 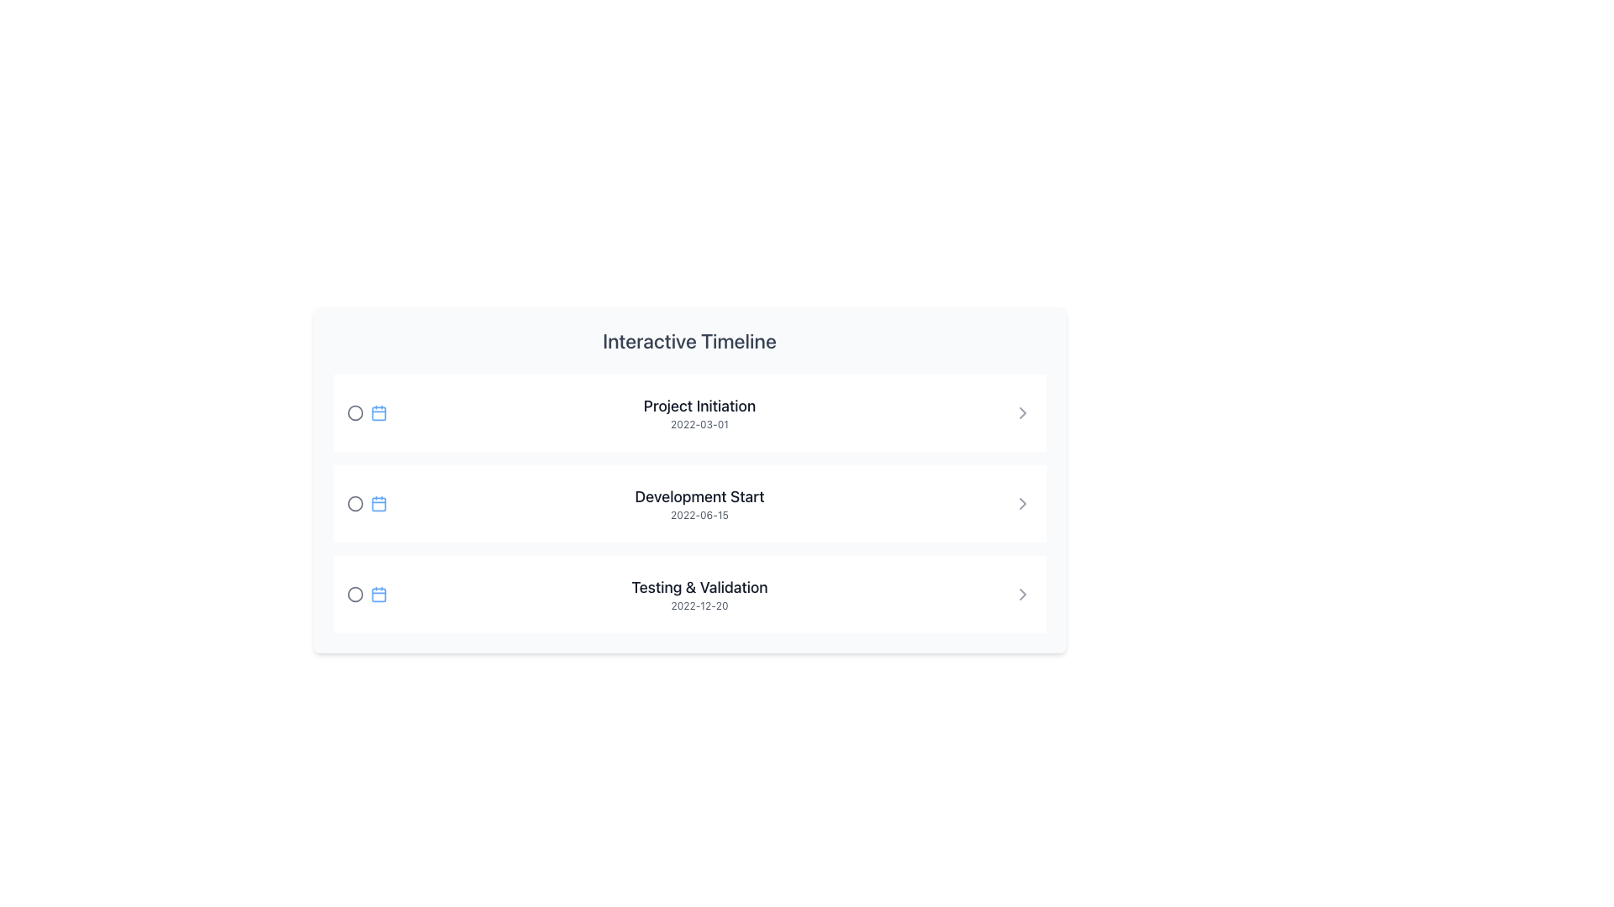 What do you see at coordinates (699, 606) in the screenshot?
I see `the static text element displaying the date '2022-12-20', which is styled in a small gray font and located below the 'Testing & Validation' title in the timeline` at bounding box center [699, 606].